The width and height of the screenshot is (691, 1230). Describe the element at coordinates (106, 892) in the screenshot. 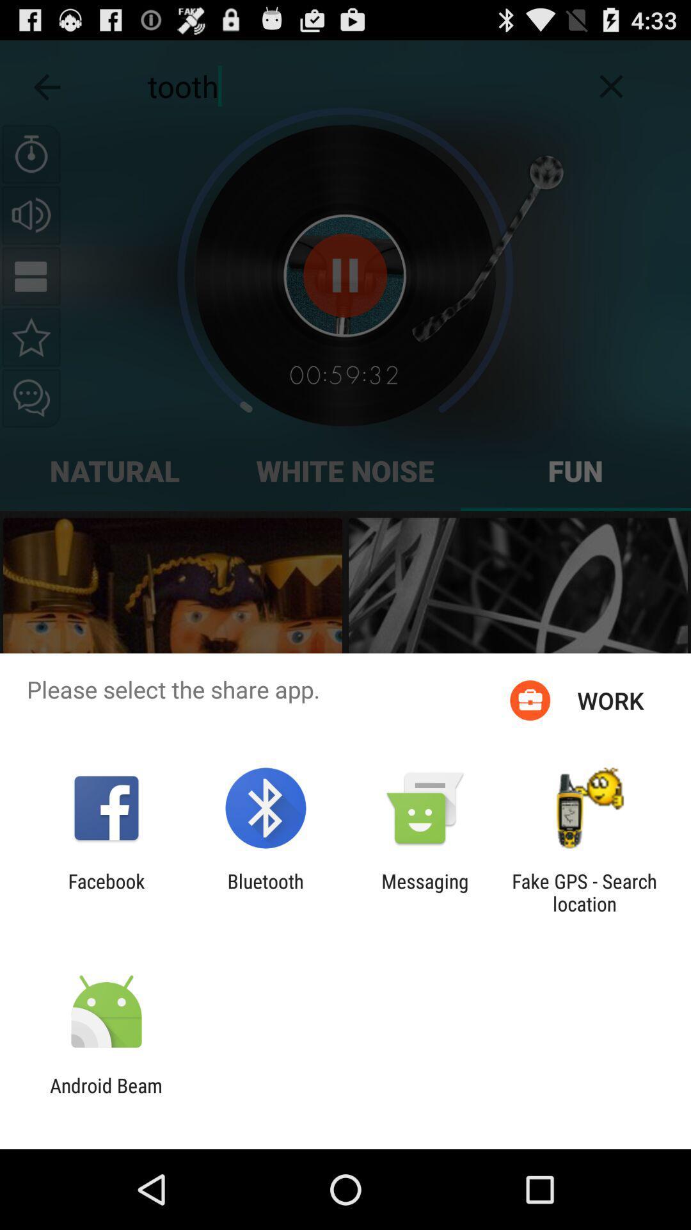

I see `icon to the left of the bluetooth app` at that location.